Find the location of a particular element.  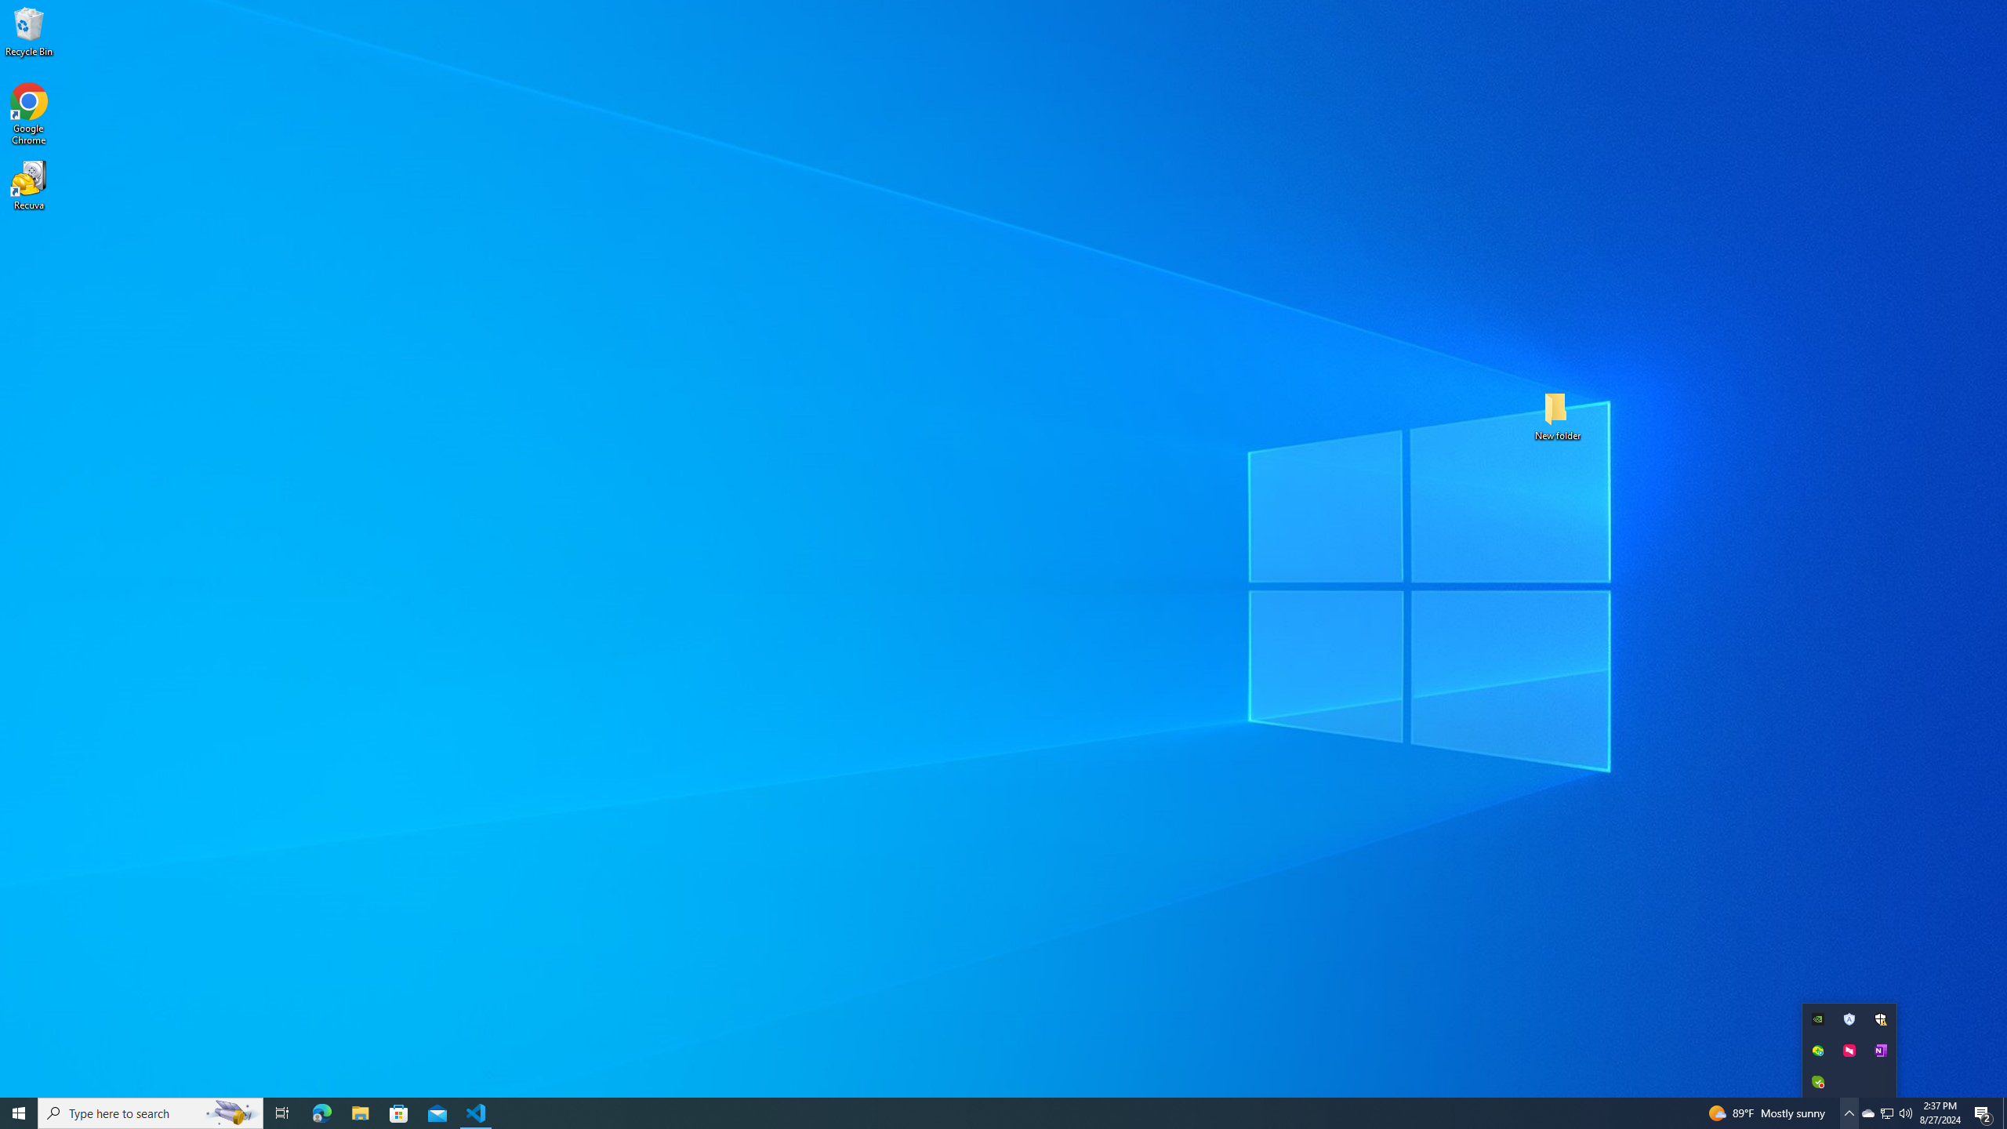

'Action Center, 2 new notifications' is located at coordinates (1983, 1112).